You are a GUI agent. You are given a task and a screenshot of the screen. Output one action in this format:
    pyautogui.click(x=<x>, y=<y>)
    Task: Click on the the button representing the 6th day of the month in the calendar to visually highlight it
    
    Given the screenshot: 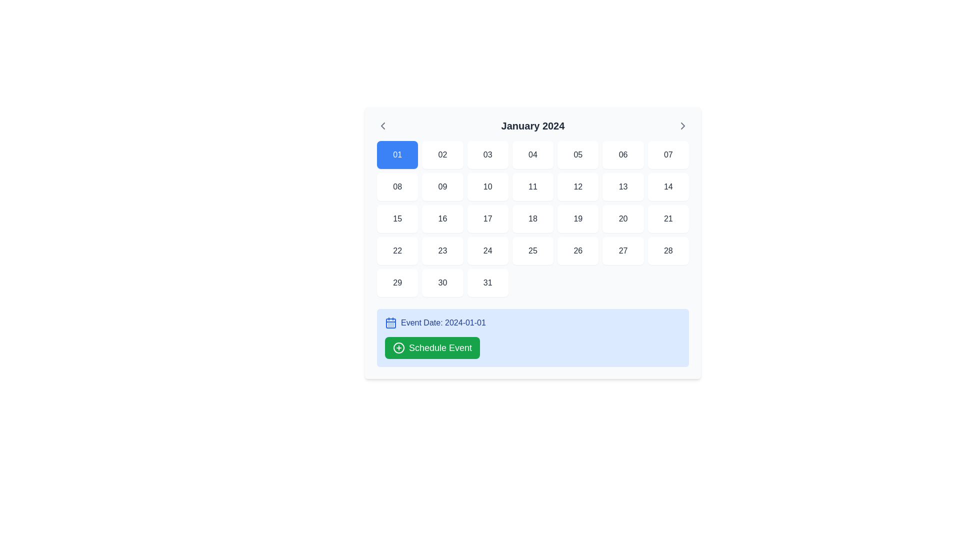 What is the action you would take?
    pyautogui.click(x=622, y=154)
    